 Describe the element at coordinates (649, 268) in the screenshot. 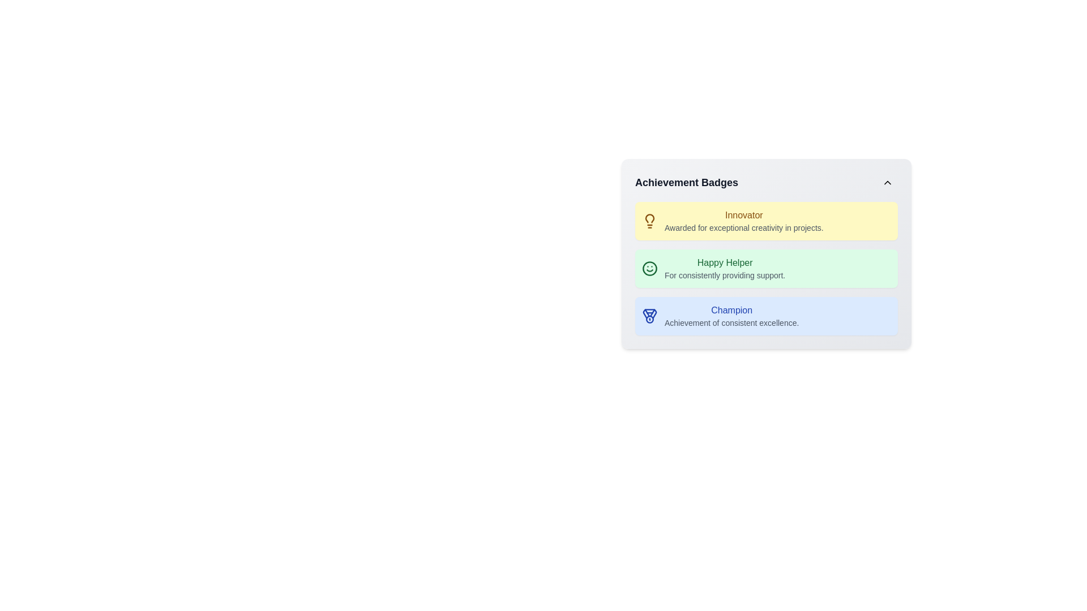

I see `the 'Happy Helper' achievement badge icon located in the left portion of the second row of the achievement badges section, which is marked by a green background` at that location.